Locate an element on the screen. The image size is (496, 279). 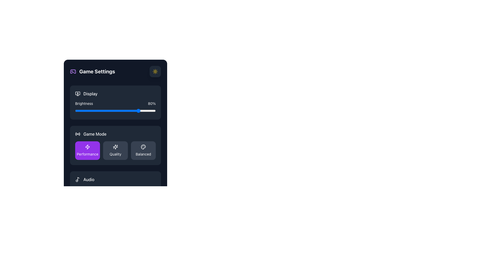
the 'Performance' mode button located in the 'Game Mode' section, which is the first of three horizontally arranged buttons, situated to the left of the 'Quality' and 'Balanced' buttons is located at coordinates (88, 150).